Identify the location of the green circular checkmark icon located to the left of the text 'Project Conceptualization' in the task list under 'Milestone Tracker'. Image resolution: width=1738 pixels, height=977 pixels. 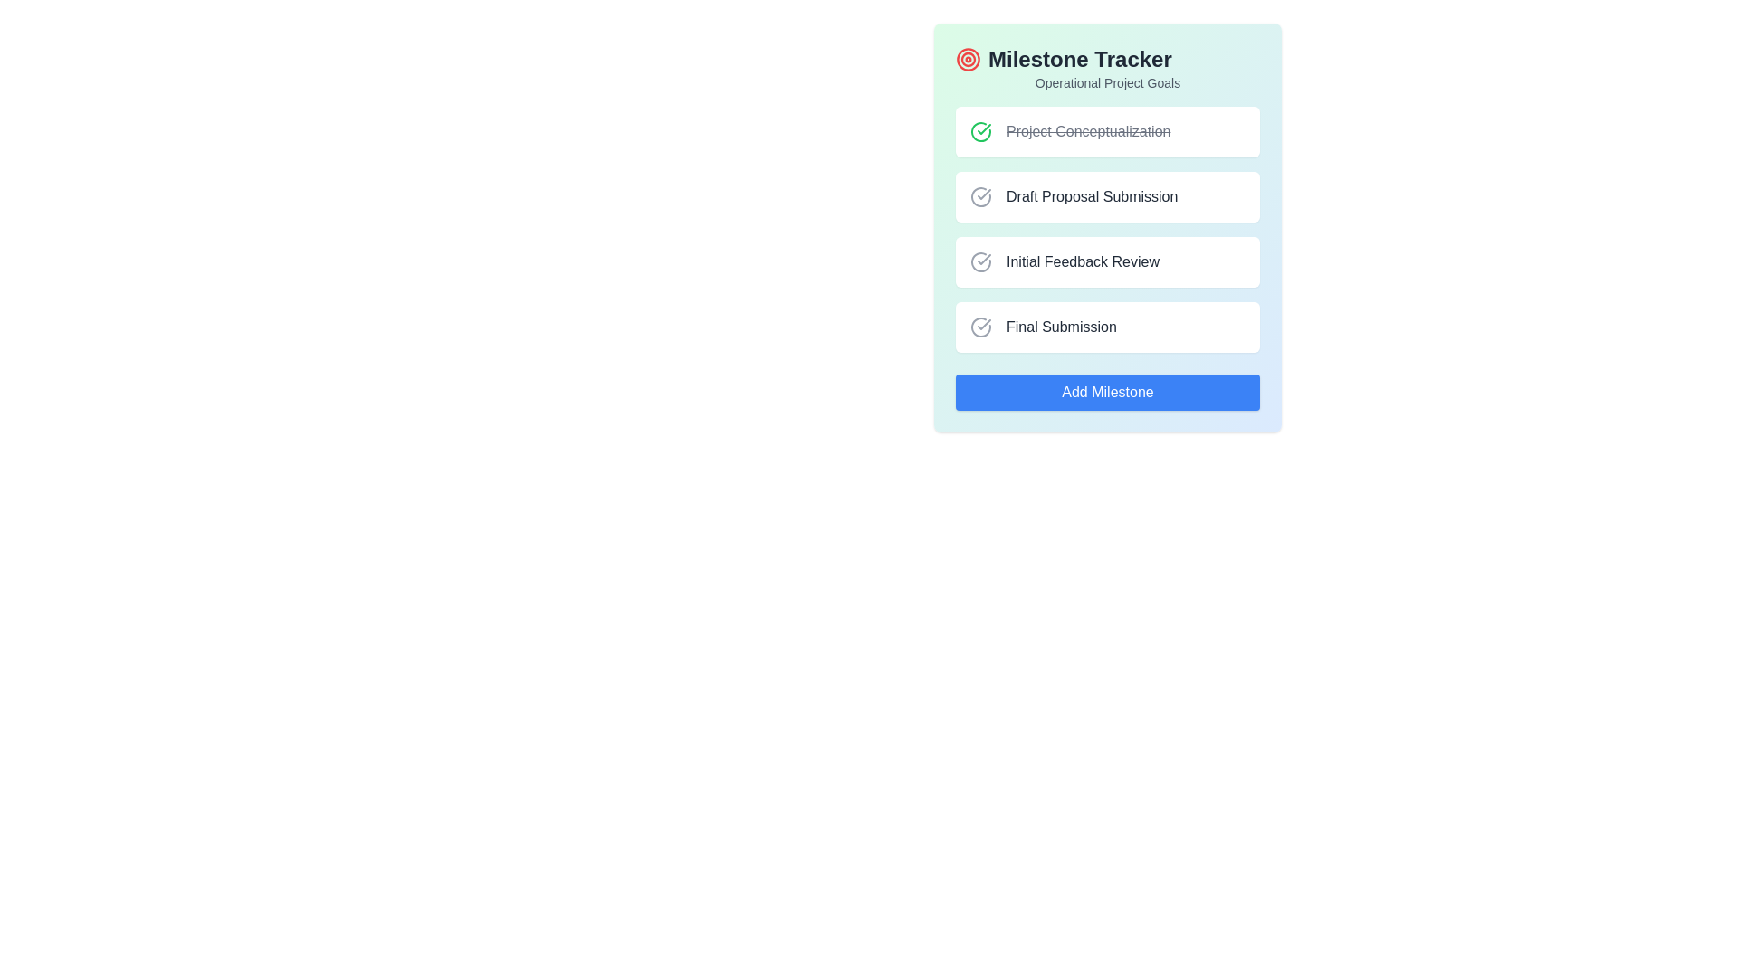
(980, 131).